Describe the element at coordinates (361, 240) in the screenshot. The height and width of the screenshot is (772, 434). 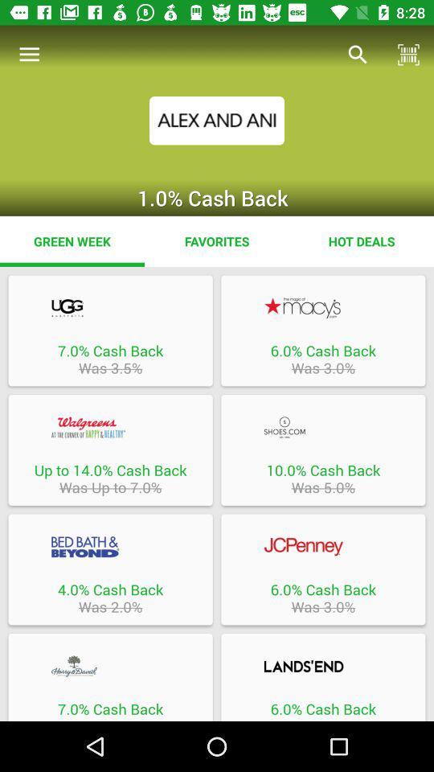
I see `item to the right of the favorites` at that location.